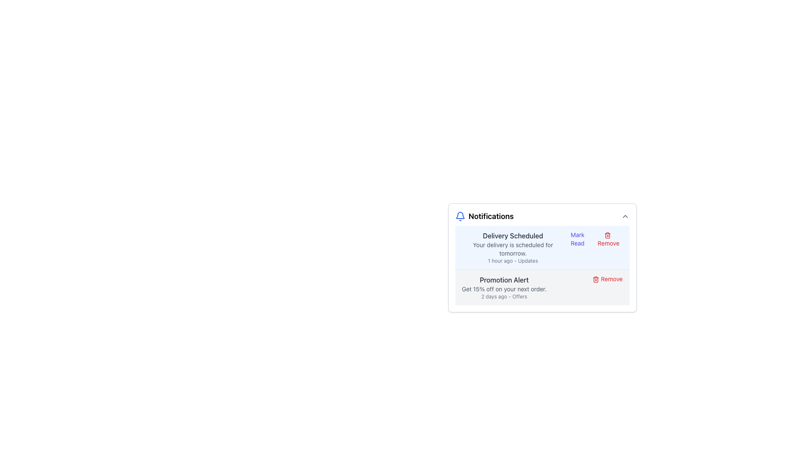  I want to click on the removal icon next to the 'Remove' label in the notifications interface, so click(595, 280).